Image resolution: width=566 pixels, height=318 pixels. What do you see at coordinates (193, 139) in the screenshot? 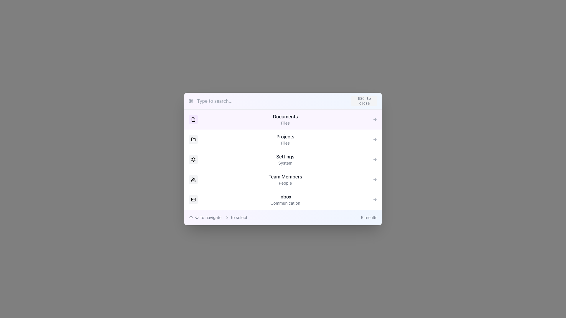
I see `the 'Projects' icon, which is the second icon in a vertical list on the left side of the user interface, positioned below the document icon and above the gear icon` at bounding box center [193, 139].